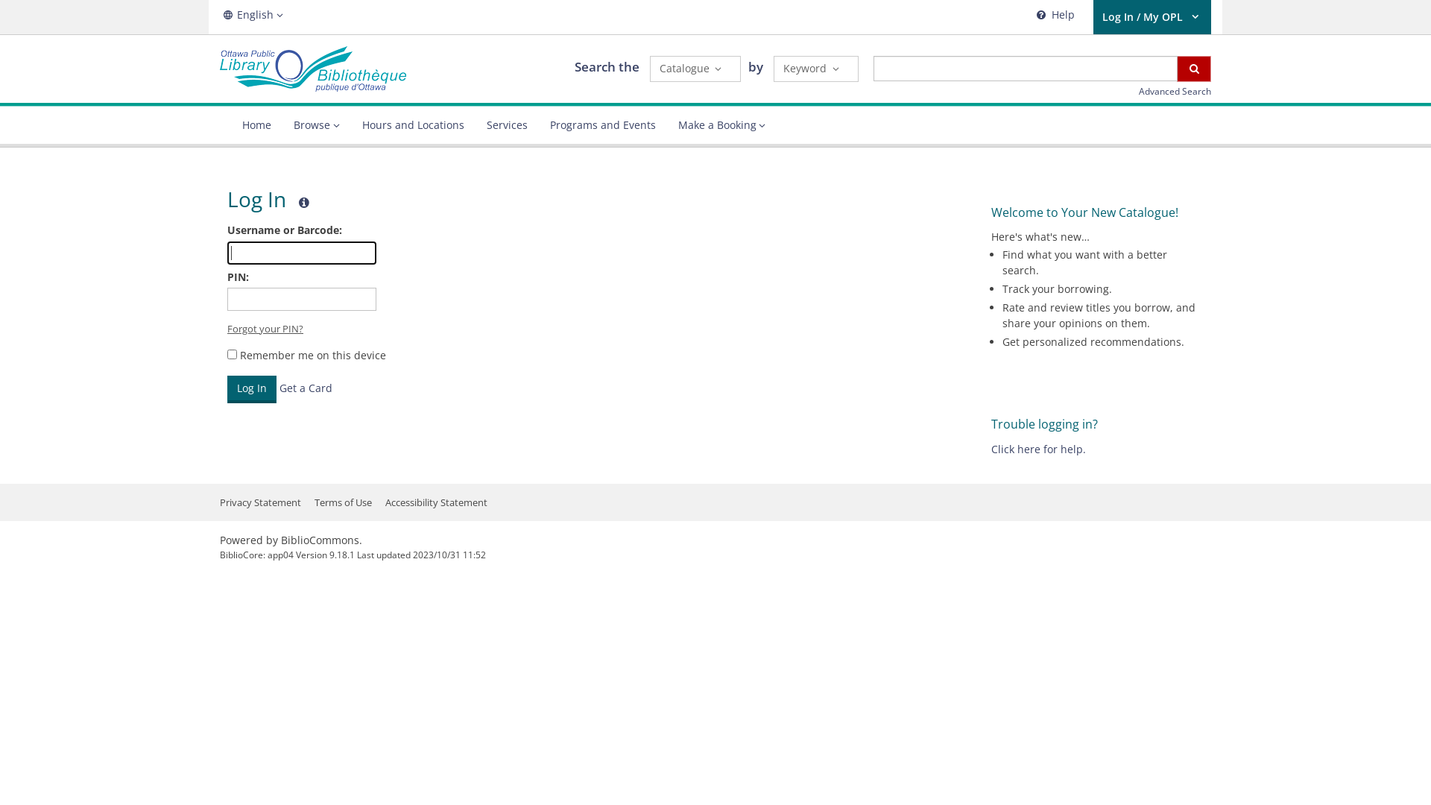  What do you see at coordinates (260, 502) in the screenshot?
I see `'Privacy Statement'` at bounding box center [260, 502].